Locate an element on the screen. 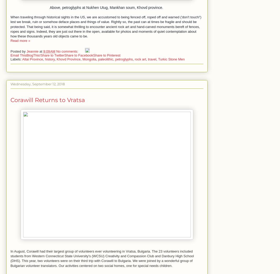 This screenshot has width=280, height=274. 'Posted by' is located at coordinates (18, 51).